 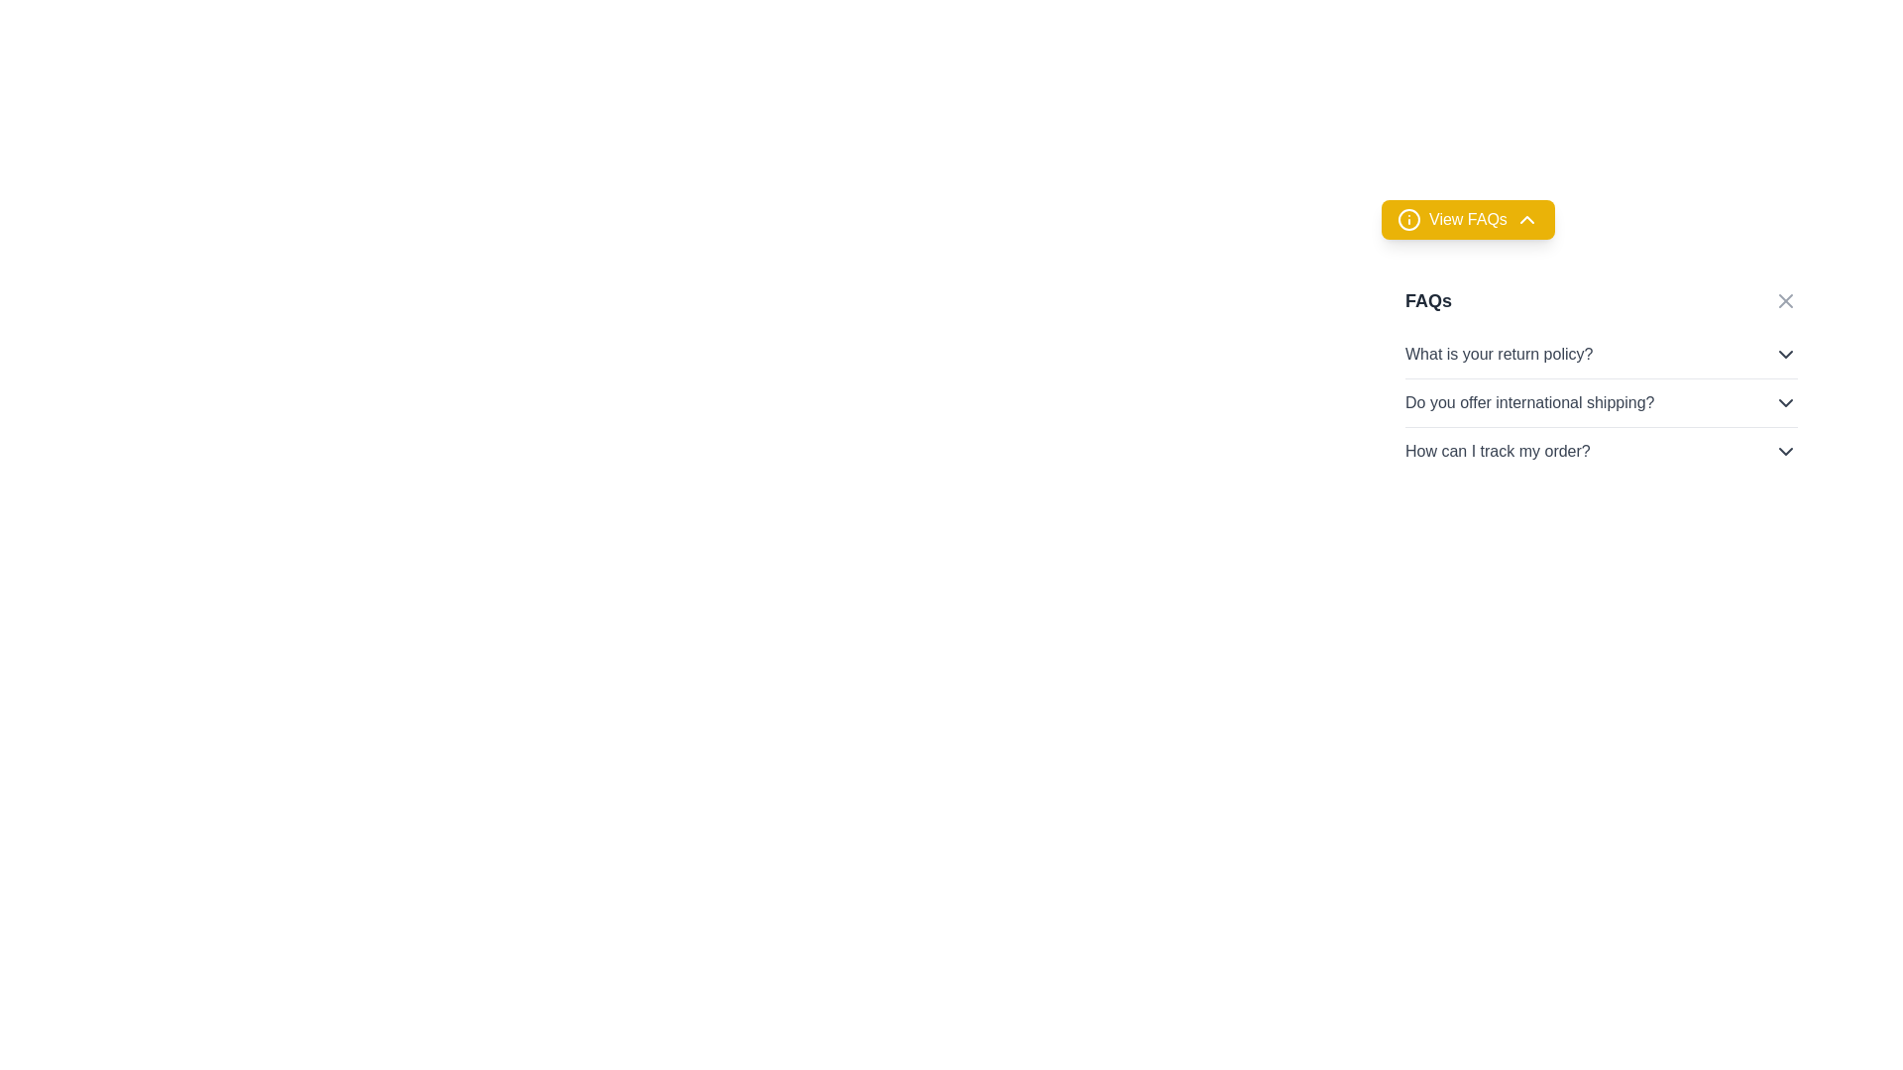 I want to click on the SVG Circle Element located at the top-left part of the FAQ button, which is a circular shape with a radius of 10 units, so click(x=1407, y=220).